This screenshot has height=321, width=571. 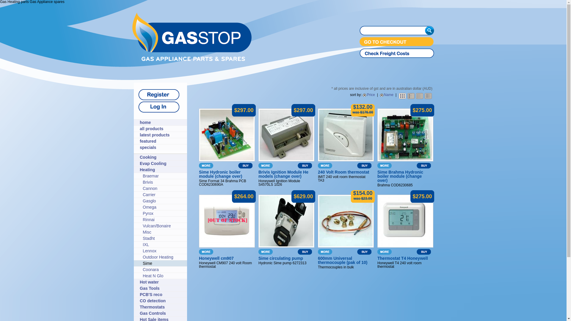 I want to click on 'latest products', so click(x=162, y=135).